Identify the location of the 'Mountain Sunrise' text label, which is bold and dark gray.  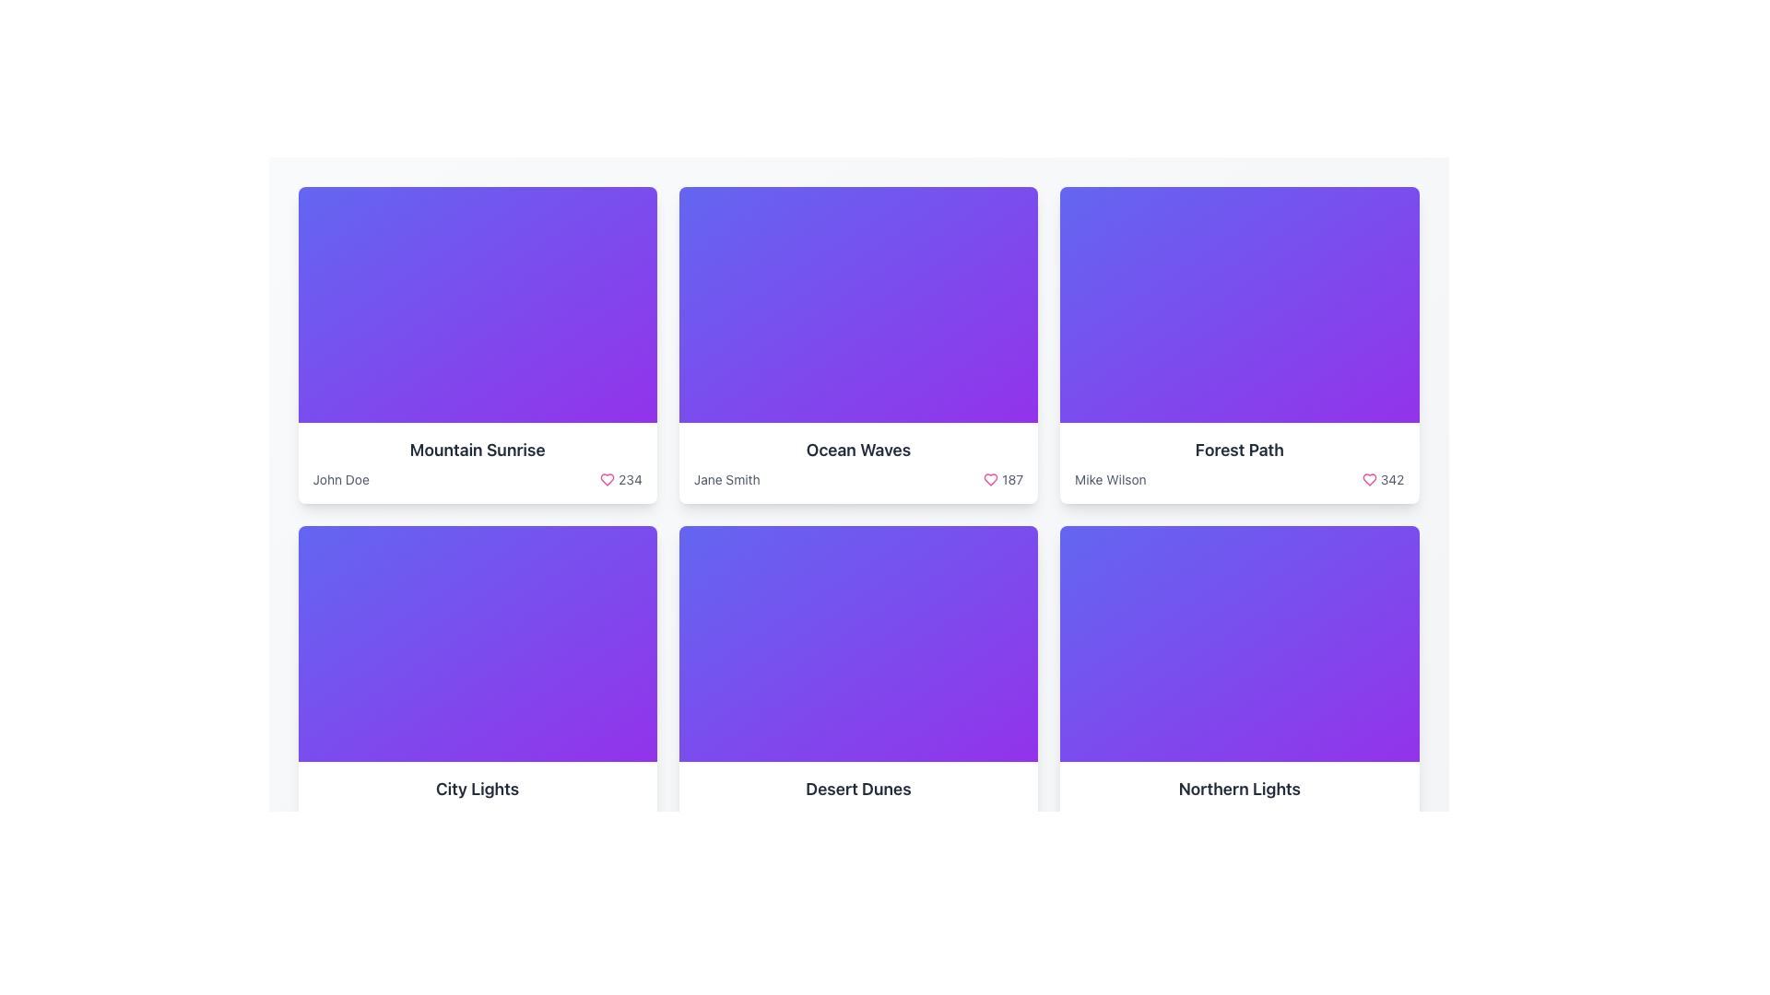
(478, 451).